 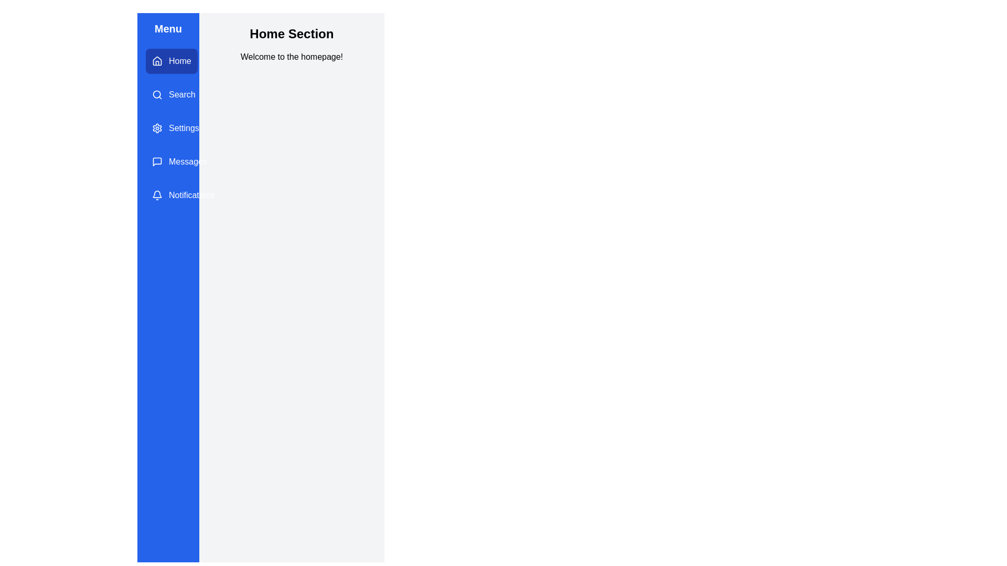 I want to click on the 'Messages' icon in the vertical navigation bar, which is the fourth icon and is adjacent to the 'Messages' text label, so click(x=156, y=161).